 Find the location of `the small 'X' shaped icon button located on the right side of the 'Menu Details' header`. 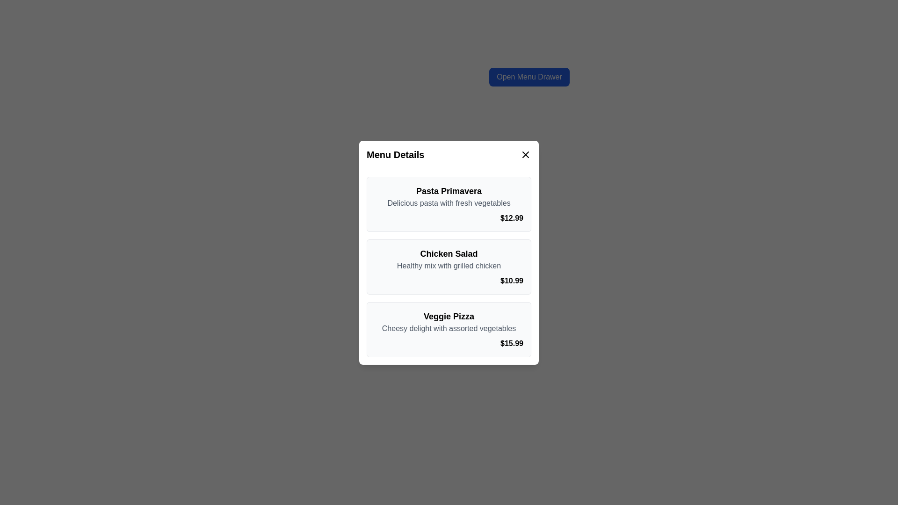

the small 'X' shaped icon button located on the right side of the 'Menu Details' header is located at coordinates (525, 154).